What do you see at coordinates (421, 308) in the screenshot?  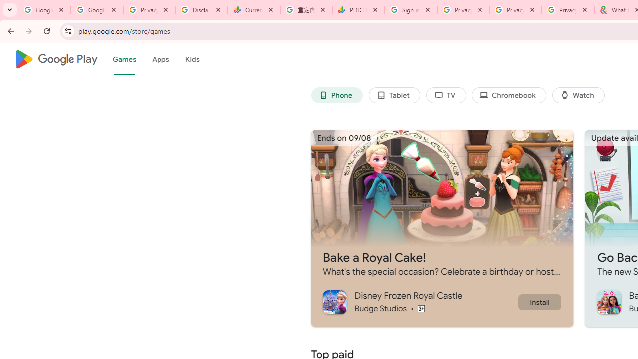 I see `'Content rating Rated for 3+'` at bounding box center [421, 308].